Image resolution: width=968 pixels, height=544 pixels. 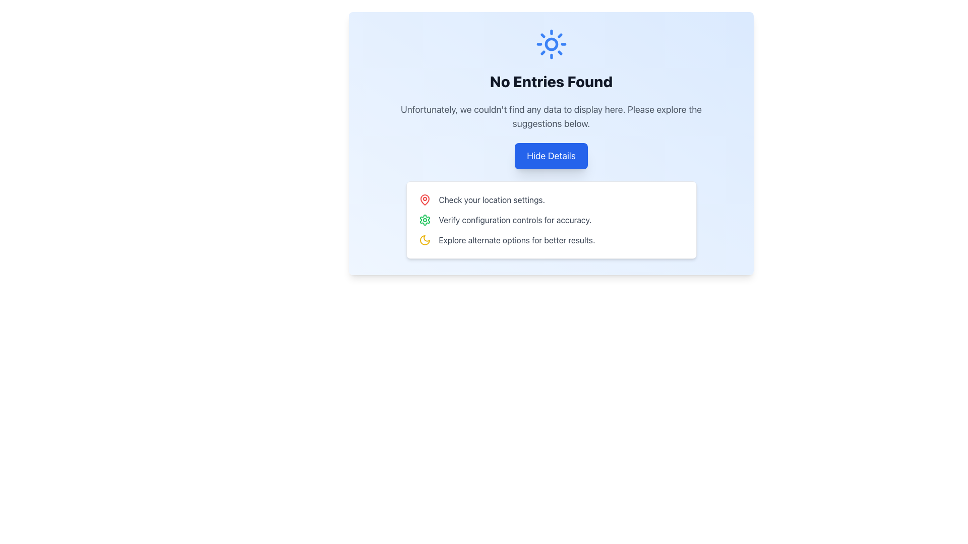 What do you see at coordinates (425, 240) in the screenshot?
I see `the yellow crescent moon icon that is the first element in a horizontal group before the text 'Explore alternate options for better results.'` at bounding box center [425, 240].